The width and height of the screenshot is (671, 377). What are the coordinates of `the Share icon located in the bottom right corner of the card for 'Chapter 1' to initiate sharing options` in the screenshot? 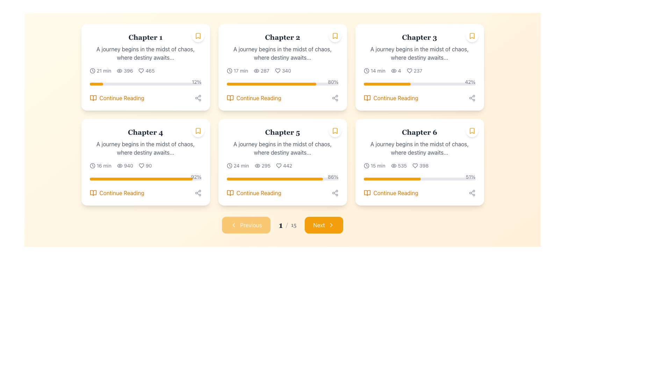 It's located at (197, 98).